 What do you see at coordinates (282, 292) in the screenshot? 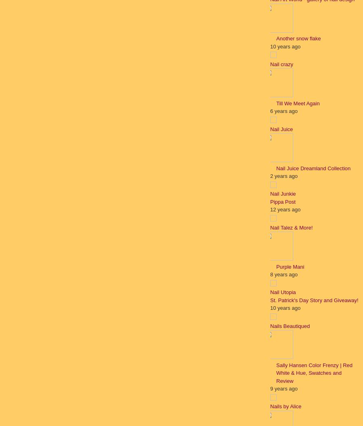
I see `'Nail Utopia'` at bounding box center [282, 292].